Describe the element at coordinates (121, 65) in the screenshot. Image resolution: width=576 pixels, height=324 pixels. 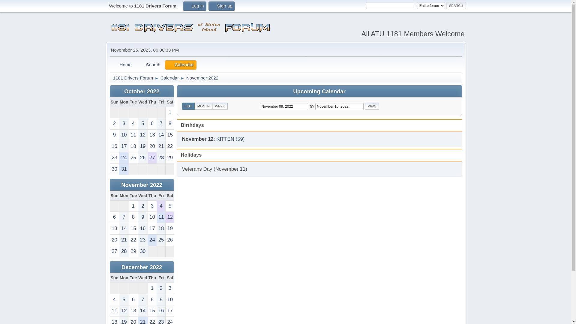
I see `'Home'` at that location.